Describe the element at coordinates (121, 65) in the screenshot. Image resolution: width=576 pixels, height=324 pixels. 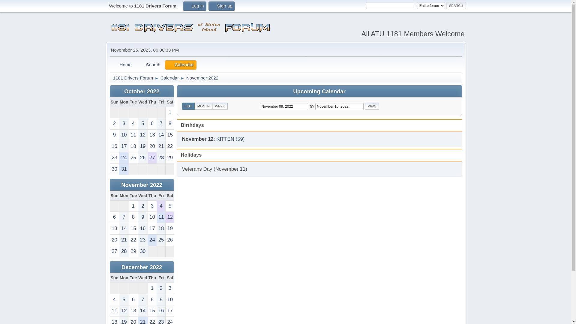
I see `'Home'` at that location.